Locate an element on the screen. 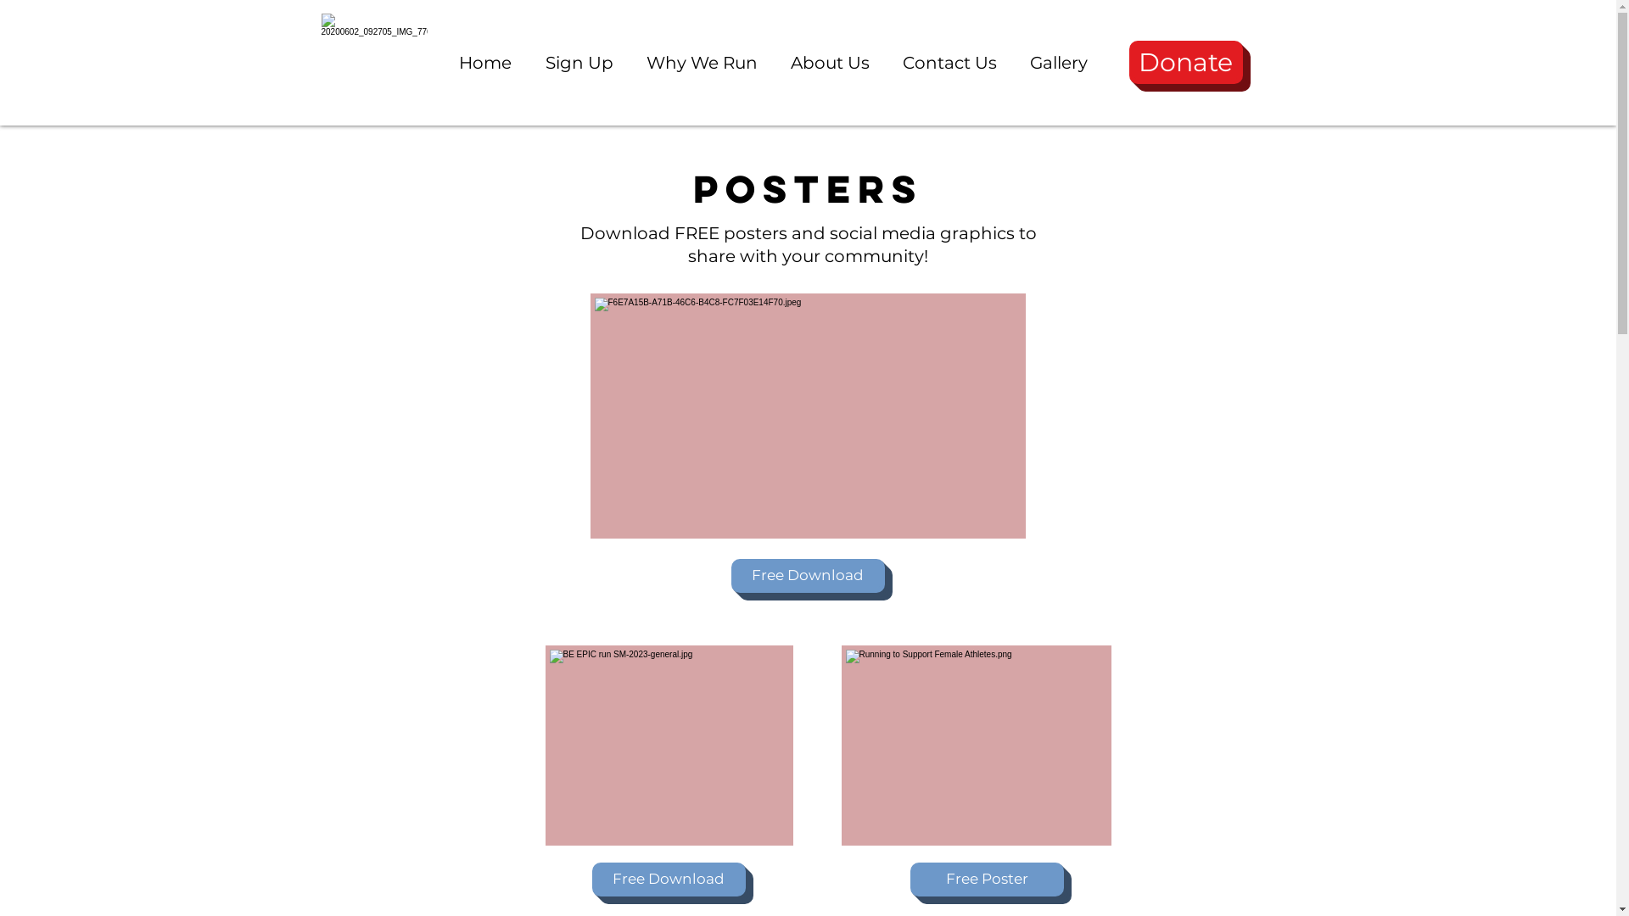 The width and height of the screenshot is (1629, 916). 'Sign Up' is located at coordinates (583, 52).